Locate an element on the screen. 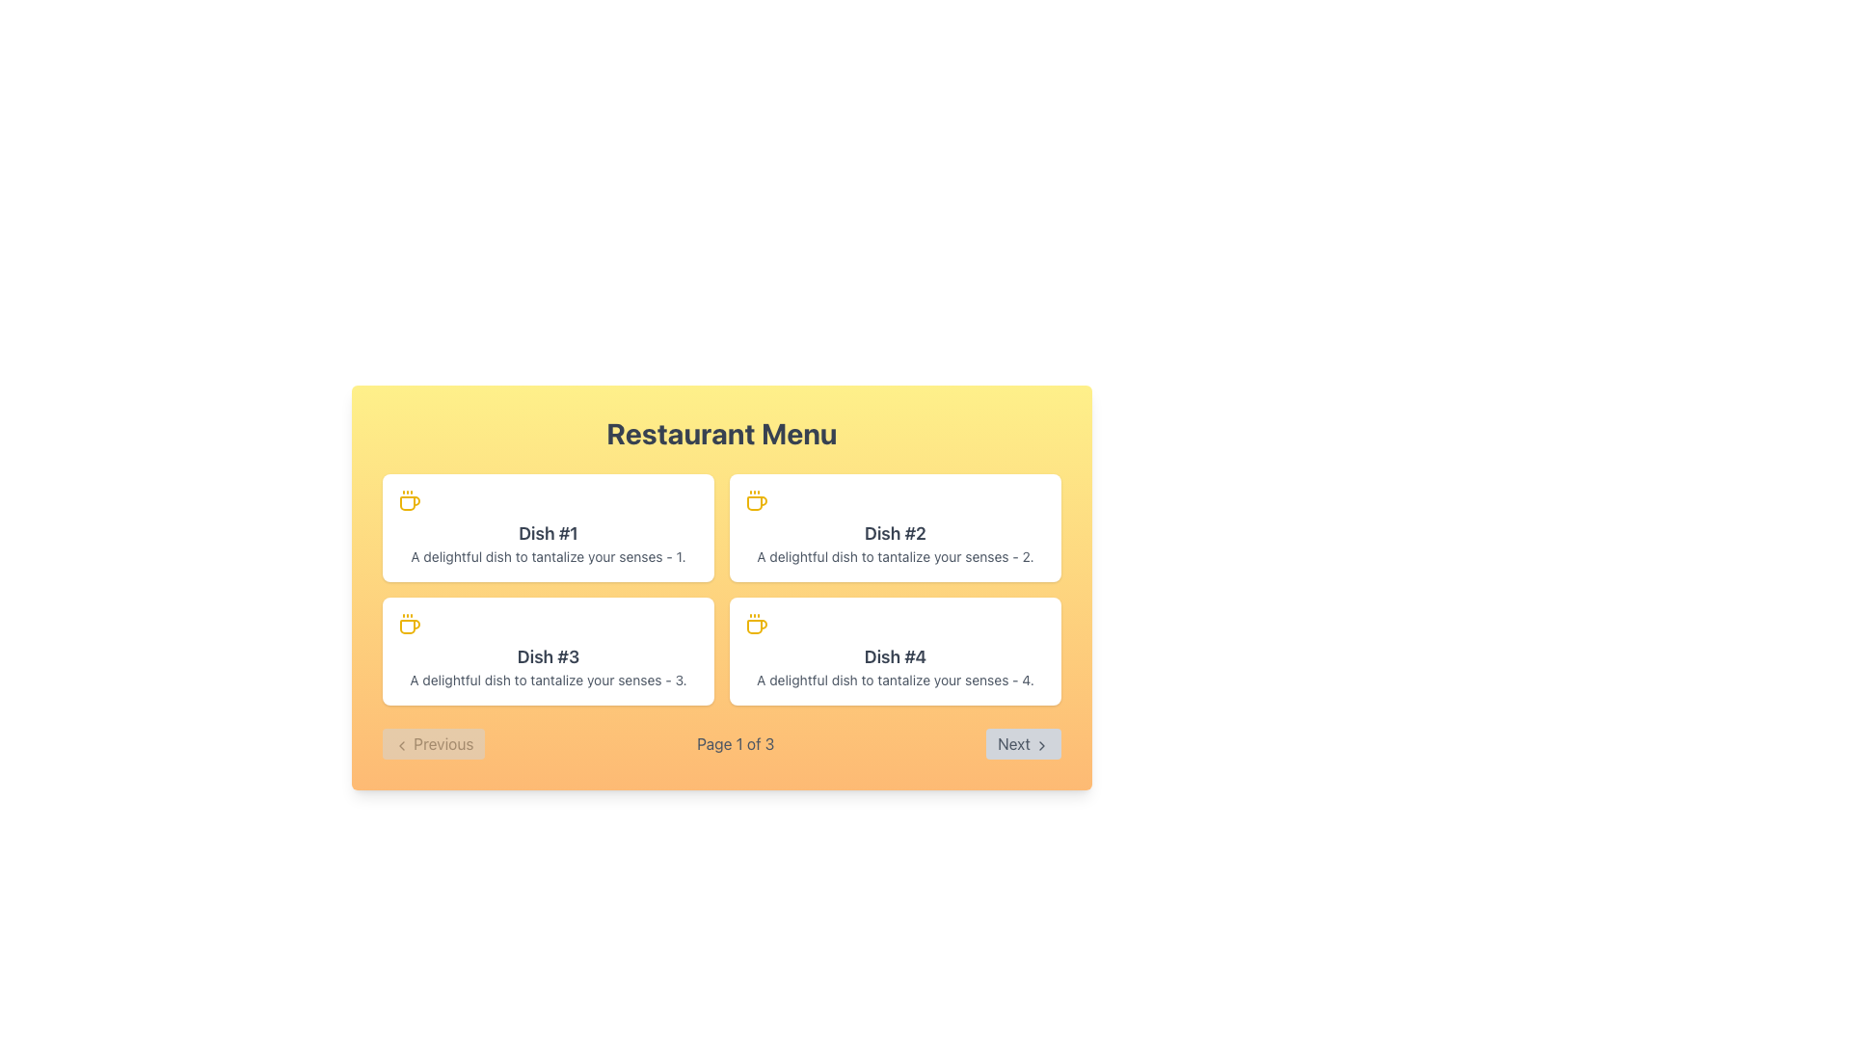 The image size is (1851, 1041). static text 'Page 1 of 3' displayed in gray color, located centrally between the 'Previous' and 'Next' buttons in the pagination controls at the bottom of the window is located at coordinates (735, 742).